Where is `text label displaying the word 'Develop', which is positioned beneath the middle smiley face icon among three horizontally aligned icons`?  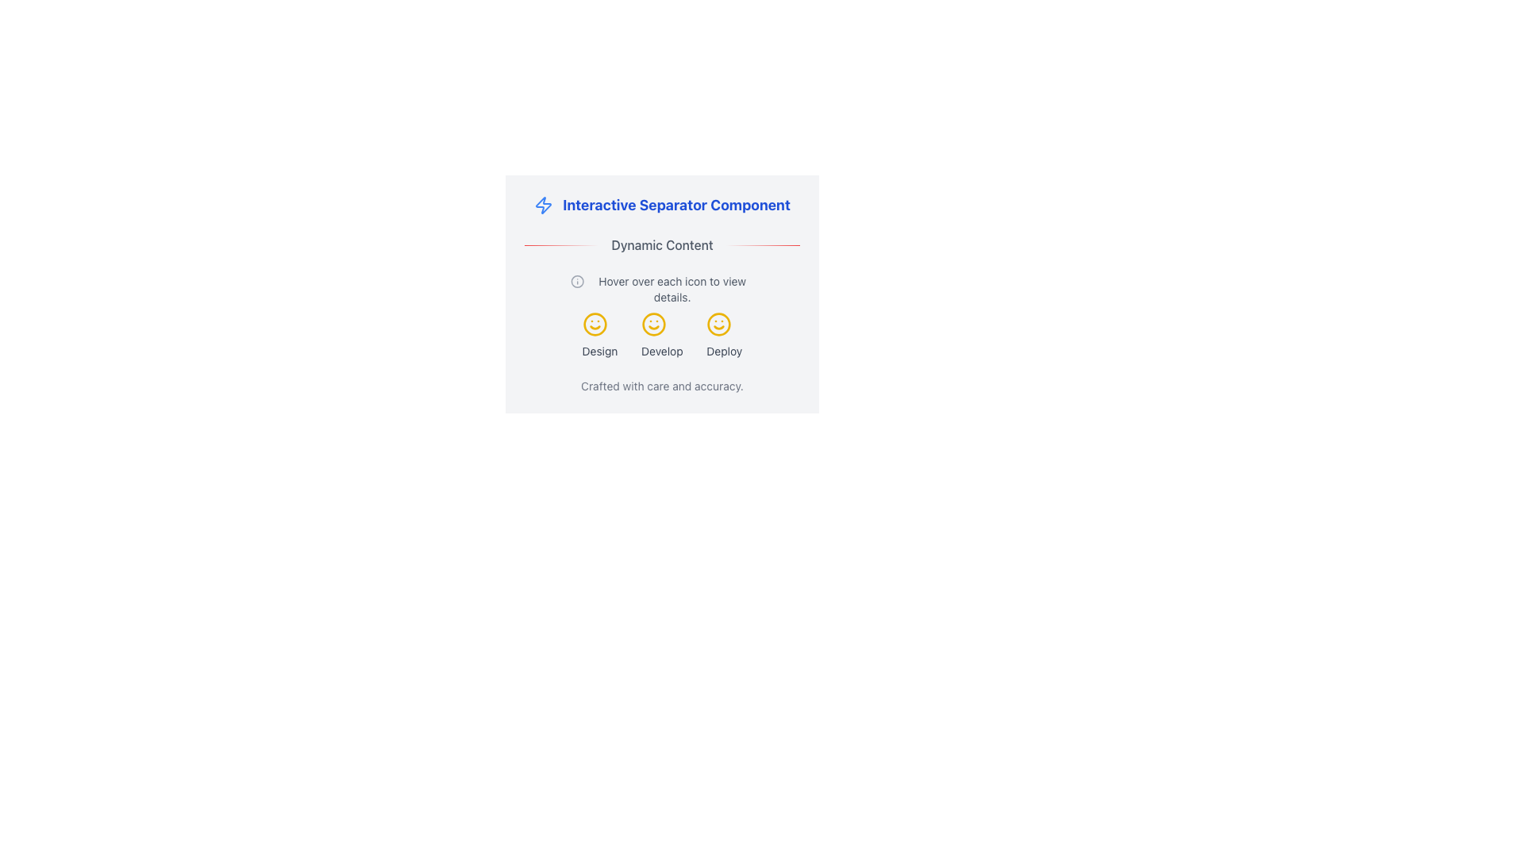
text label displaying the word 'Develop', which is positioned beneath the middle smiley face icon among three horizontally aligned icons is located at coordinates (662, 351).